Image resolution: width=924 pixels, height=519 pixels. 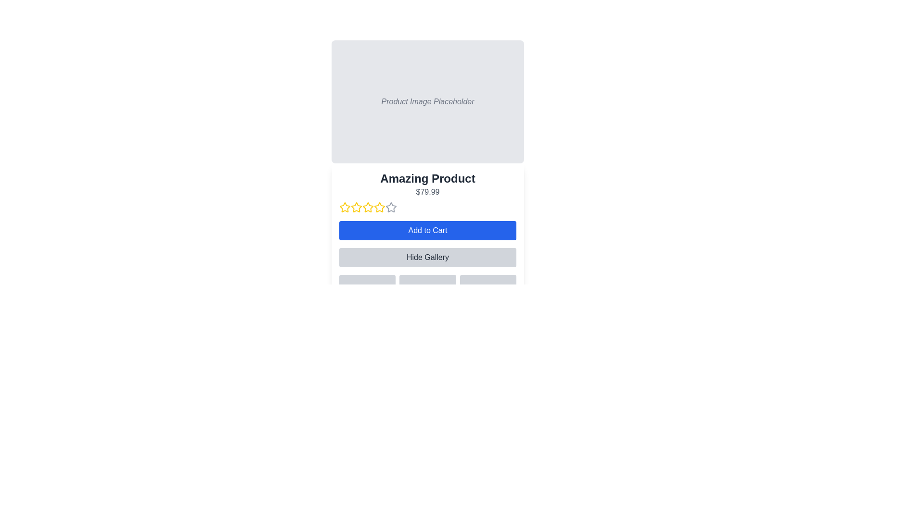 What do you see at coordinates (391, 207) in the screenshot?
I see `the sixth unselected rating star` at bounding box center [391, 207].